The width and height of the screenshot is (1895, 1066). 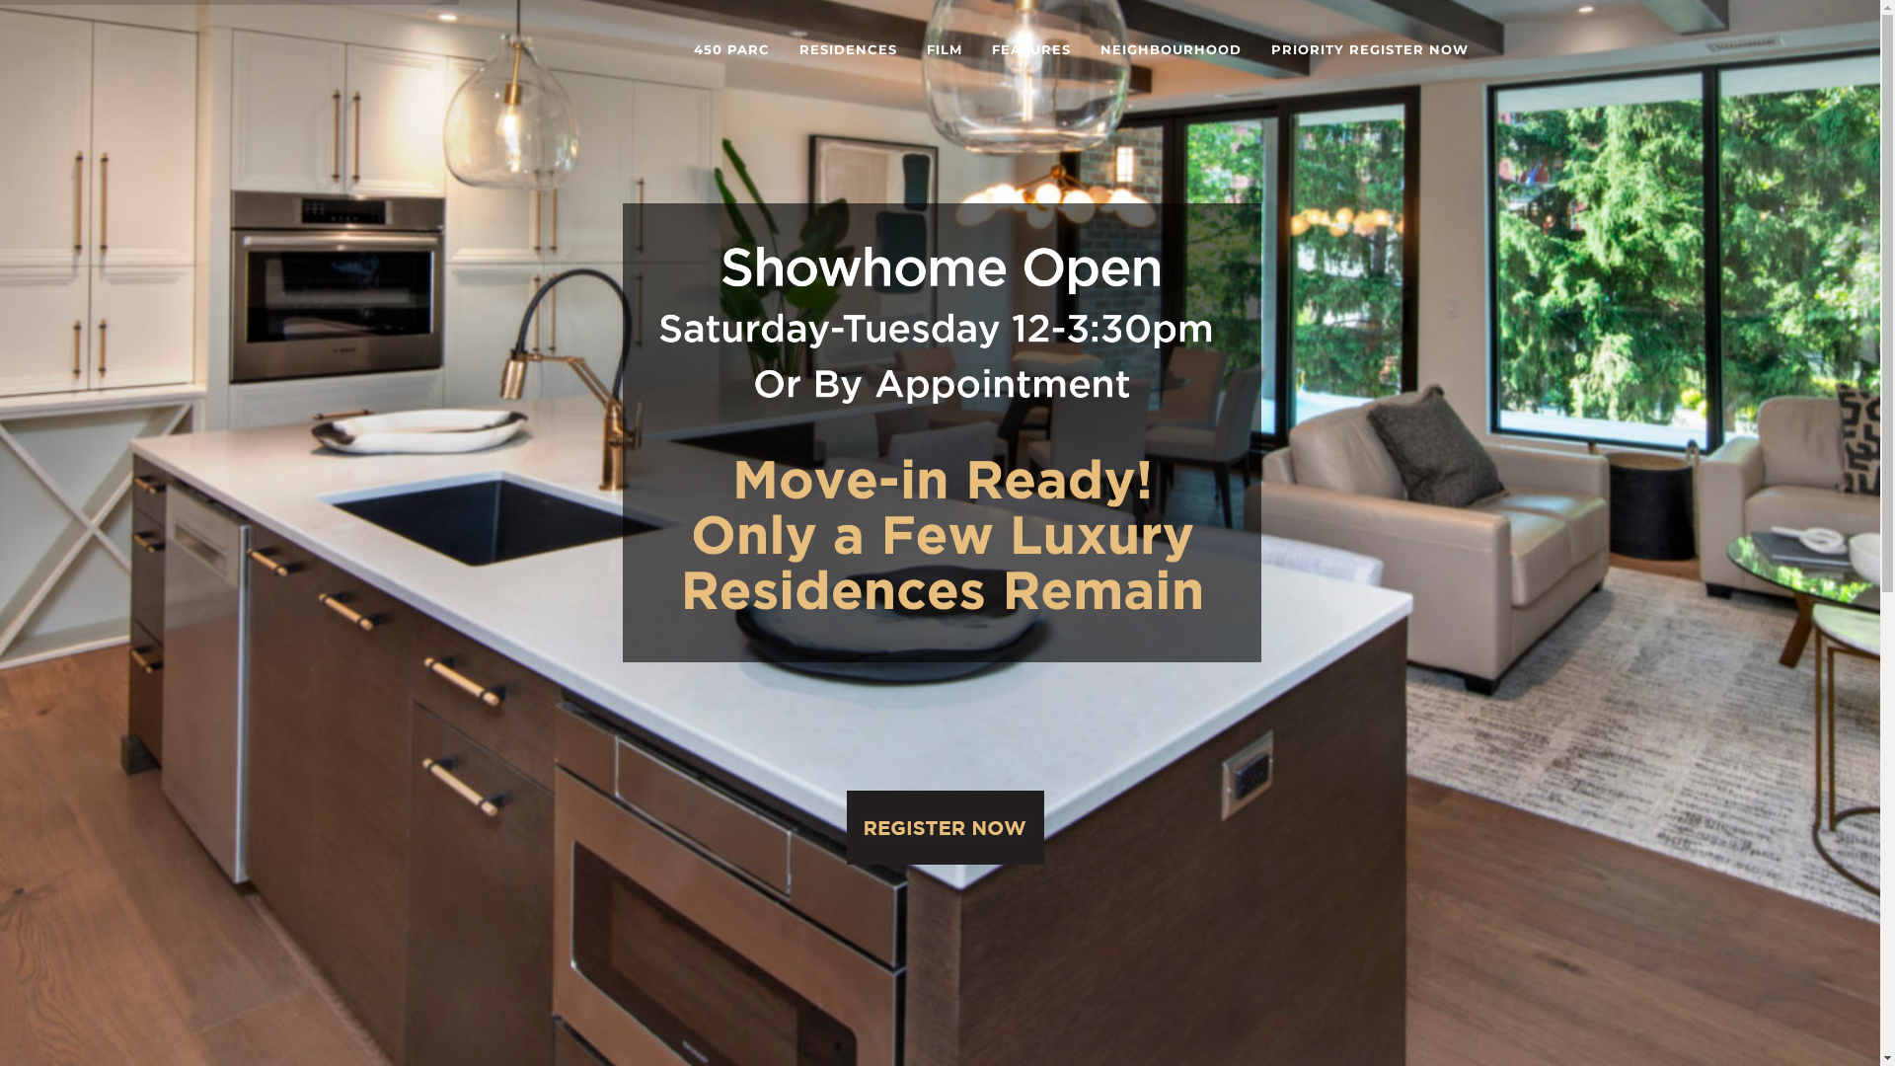 I want to click on 'RESIDENCES', so click(x=847, y=48).